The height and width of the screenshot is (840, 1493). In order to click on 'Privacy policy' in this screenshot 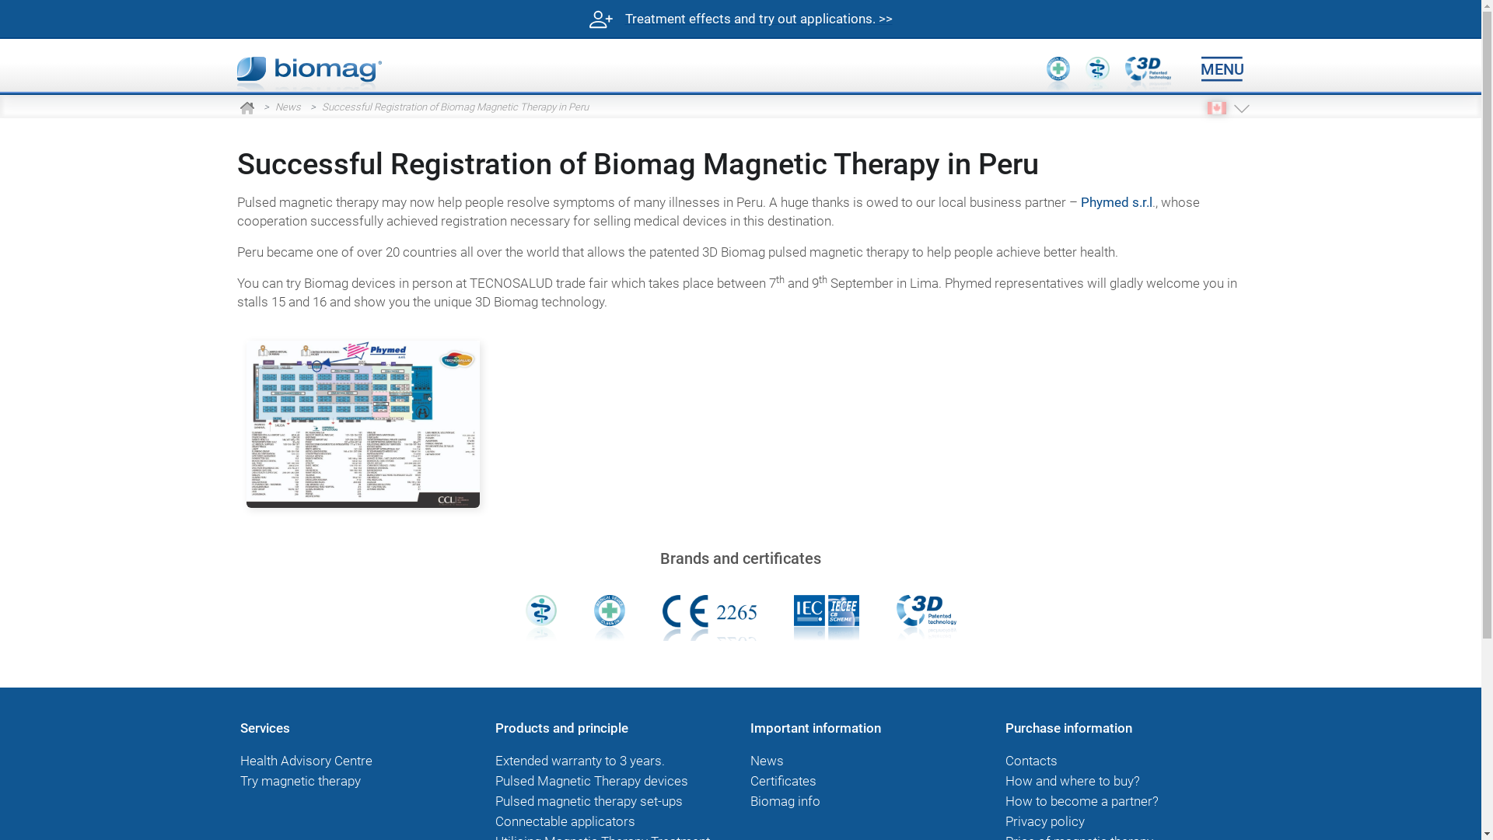, I will do `click(1004, 821)`.